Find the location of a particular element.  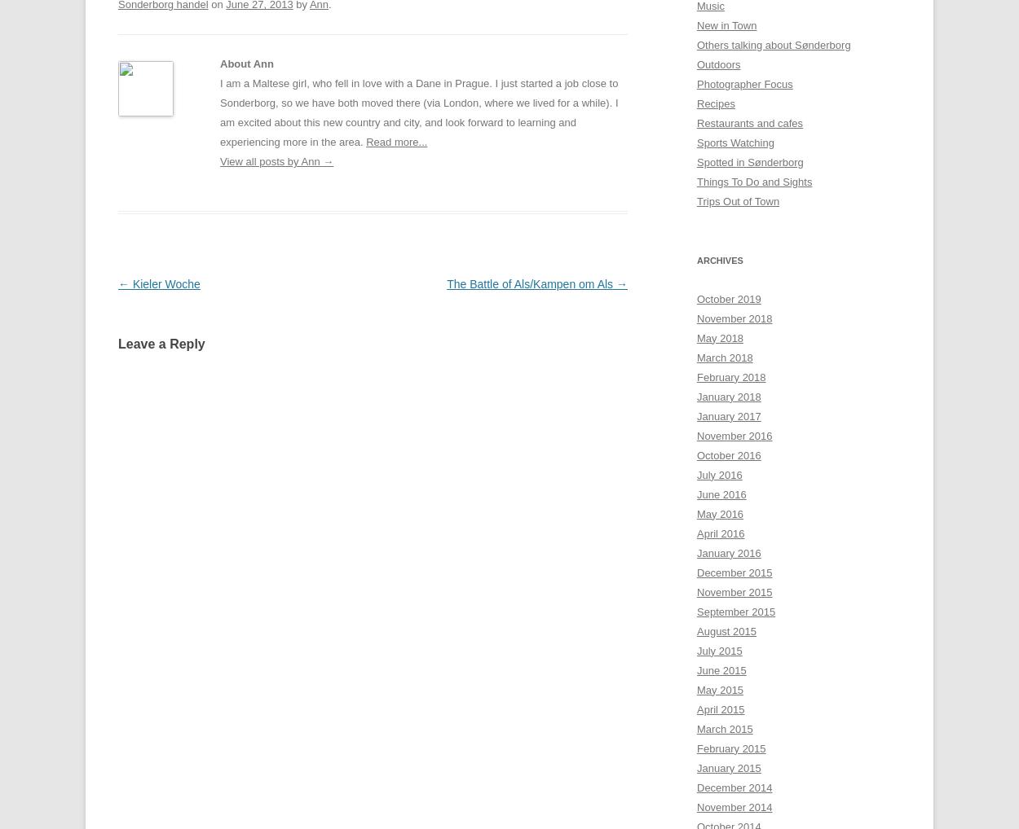

'Outdoors' is located at coordinates (718, 64).